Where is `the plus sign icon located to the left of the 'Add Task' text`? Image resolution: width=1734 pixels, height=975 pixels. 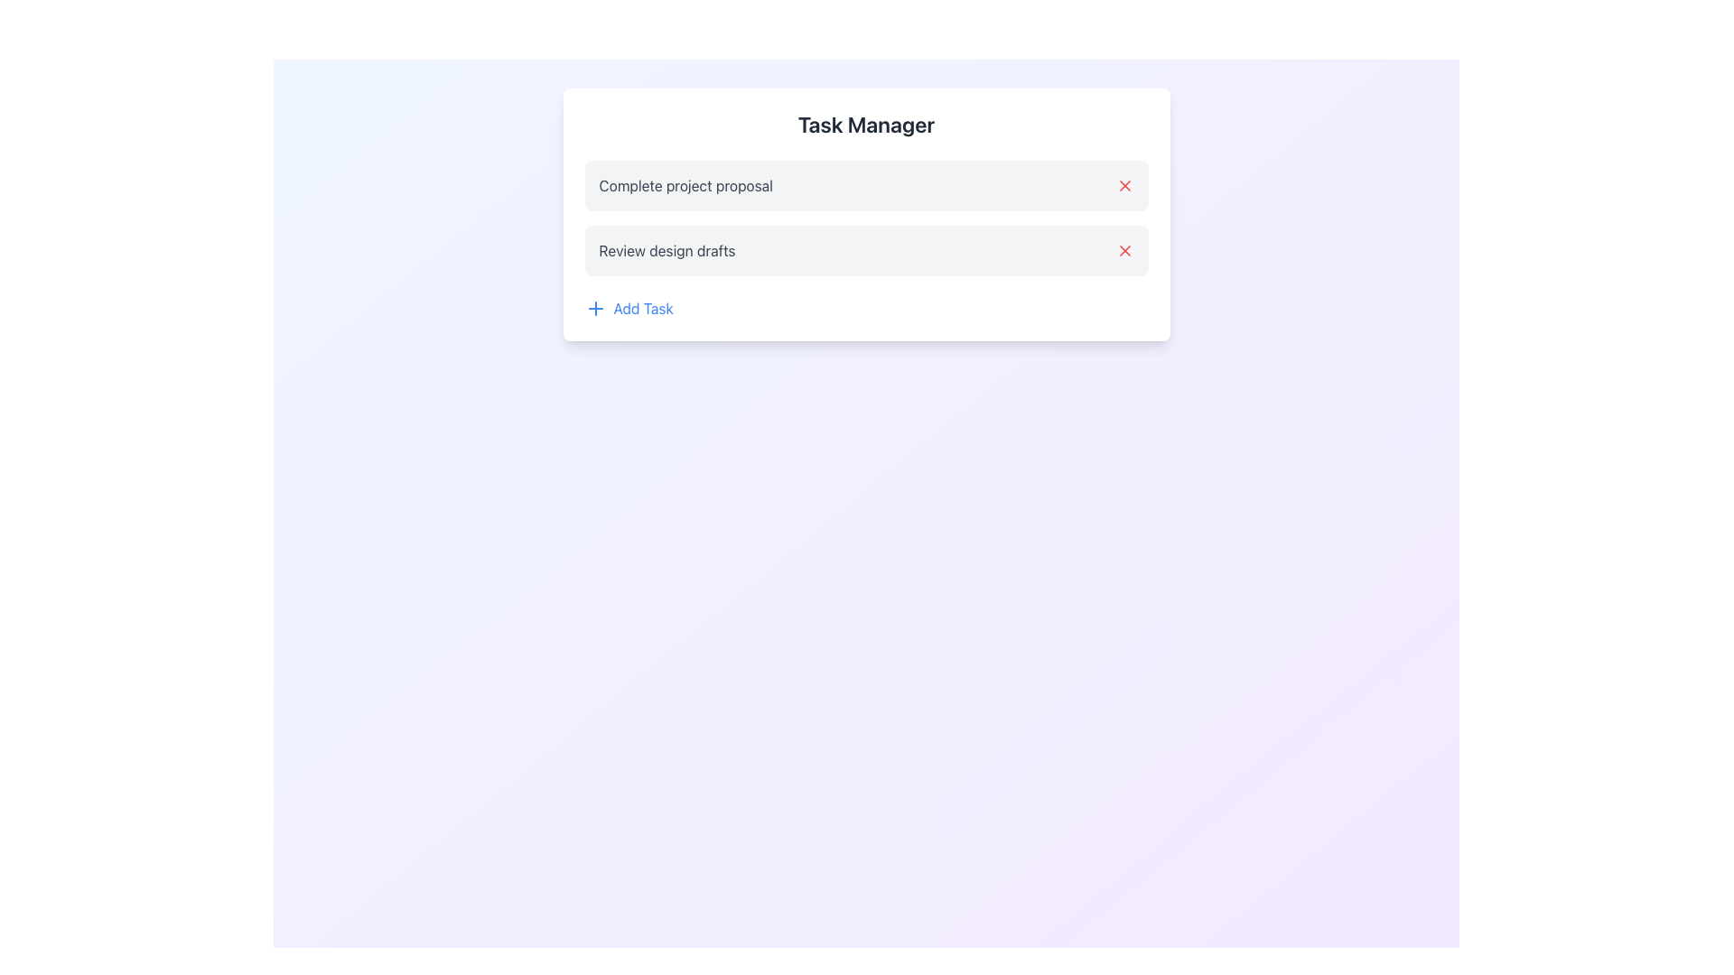 the plus sign icon located to the left of the 'Add Task' text is located at coordinates (595, 308).